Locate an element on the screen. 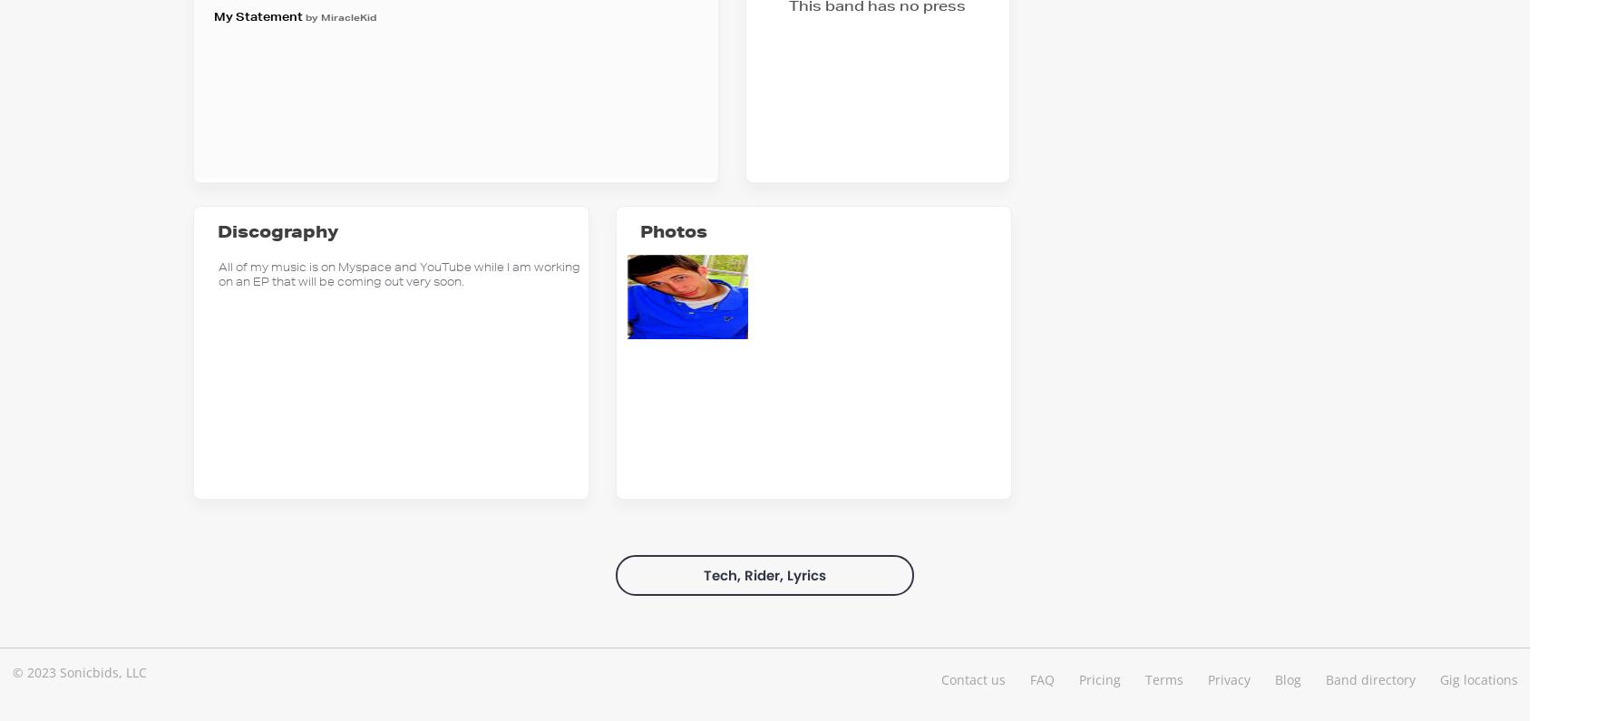  '© 2023 Sonicbids, LLC' is located at coordinates (10, 671).